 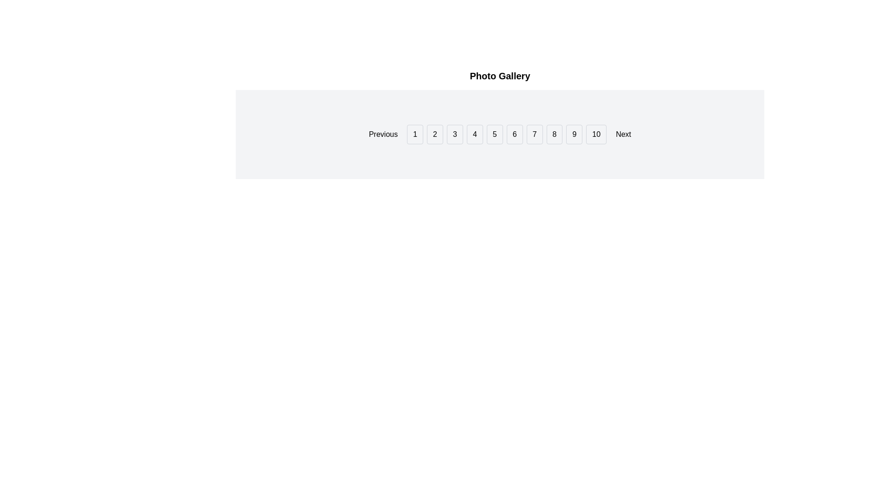 I want to click on the 'Previous' button located at the far left of the navigation bar, so click(x=383, y=134).